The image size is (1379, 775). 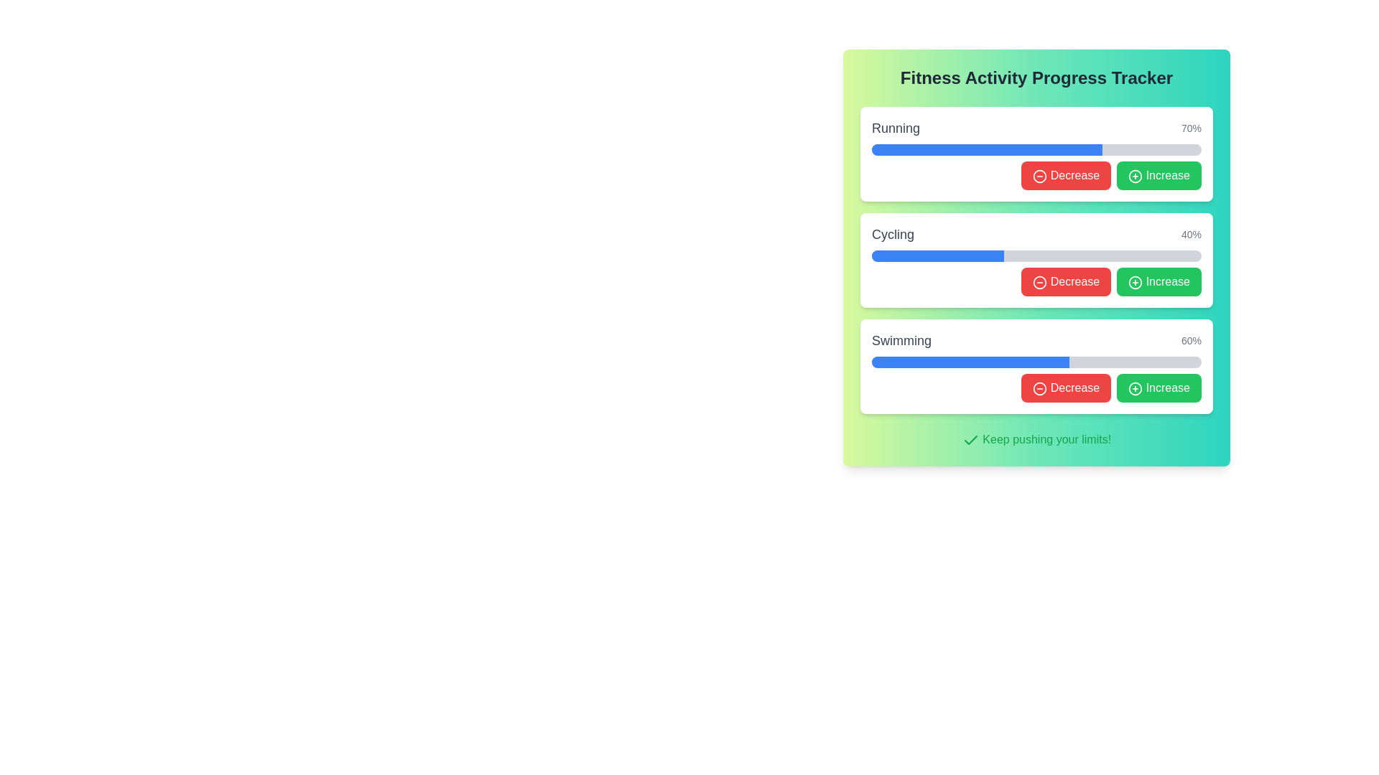 What do you see at coordinates (970, 362) in the screenshot?
I see `the blue progress bar indicating the completion percentage for the 'Swimming' activity, which is positioned below the 'Cycling' activity and above the motivational message` at bounding box center [970, 362].